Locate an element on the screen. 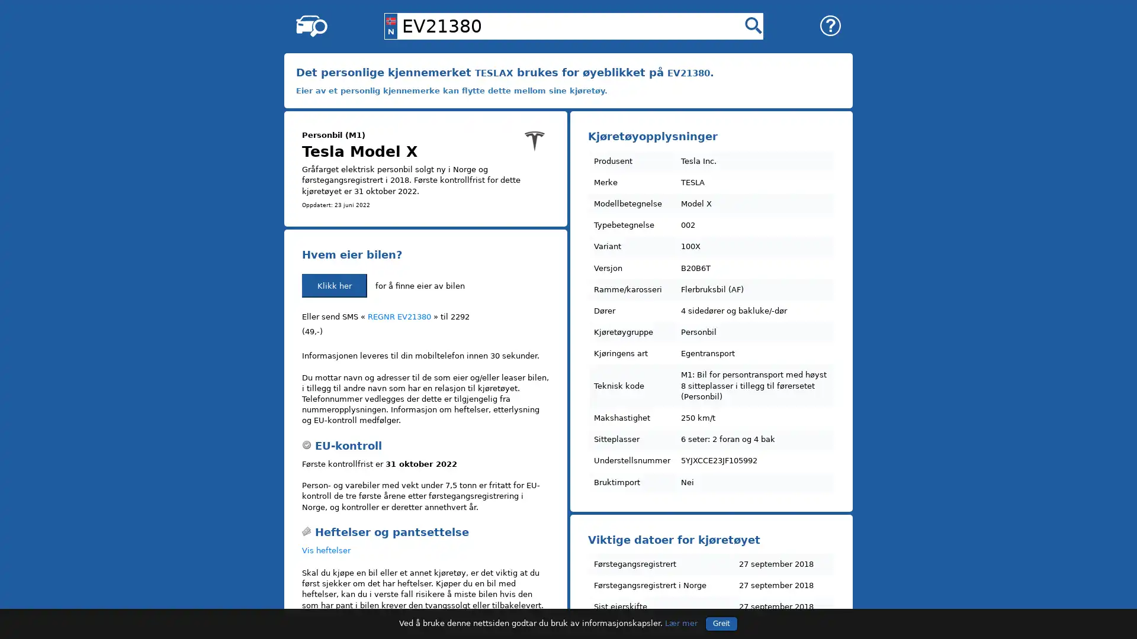  Greit is located at coordinates (721, 622).